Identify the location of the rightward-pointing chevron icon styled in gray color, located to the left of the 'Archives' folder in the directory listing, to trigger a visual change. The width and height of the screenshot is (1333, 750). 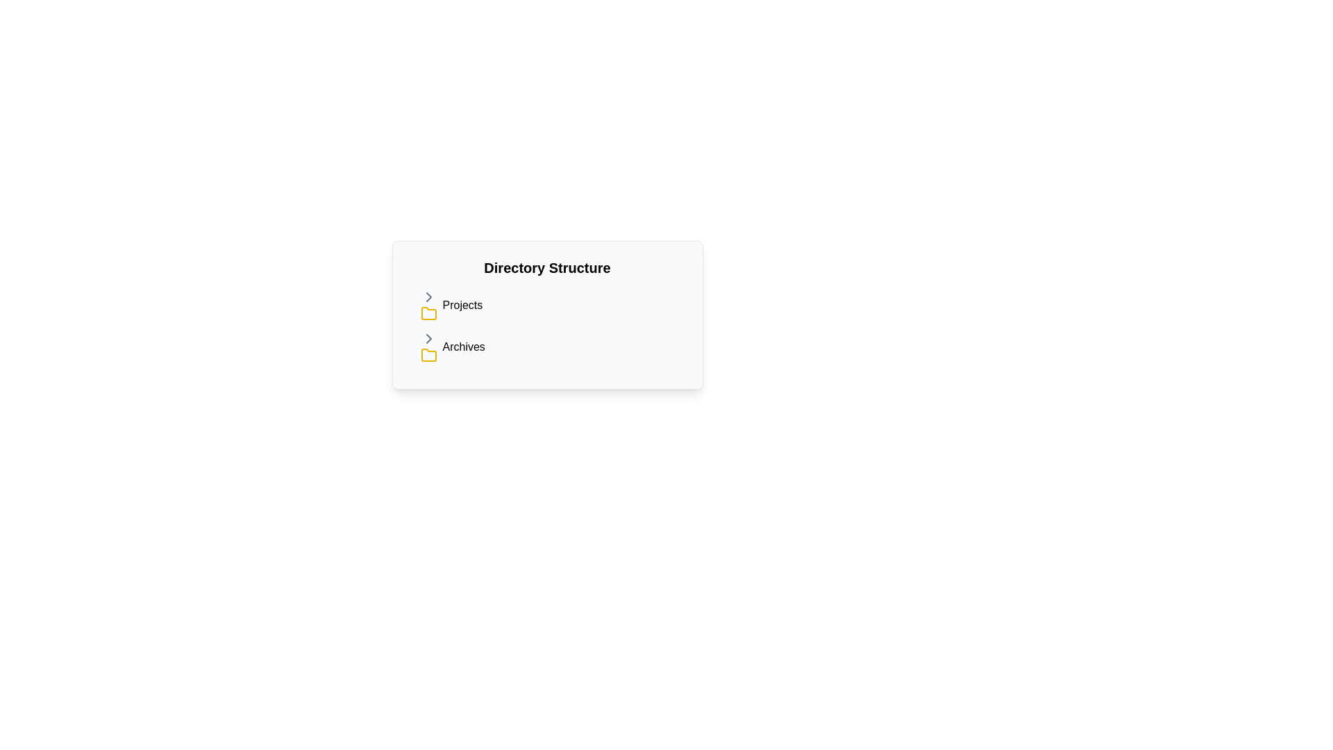
(428, 339).